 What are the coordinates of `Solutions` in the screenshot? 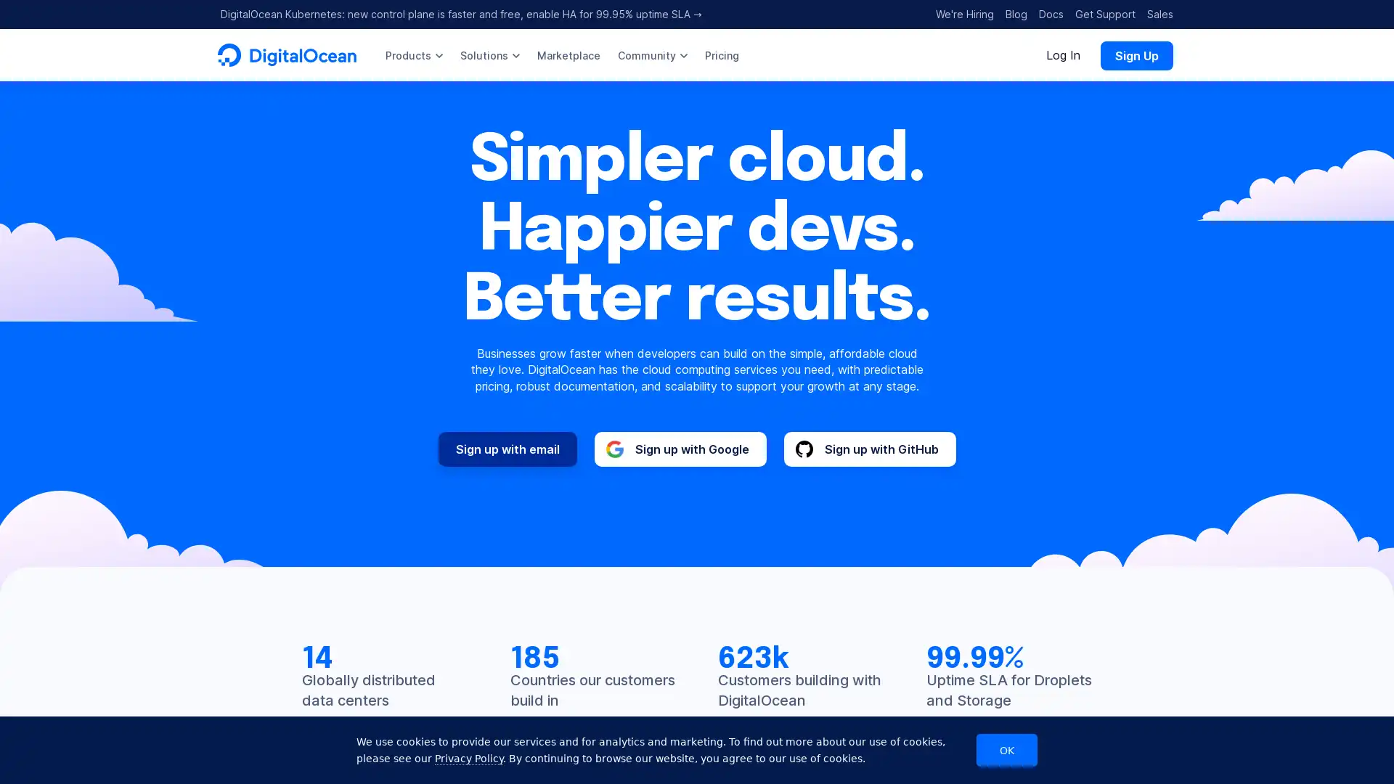 It's located at (490, 54).